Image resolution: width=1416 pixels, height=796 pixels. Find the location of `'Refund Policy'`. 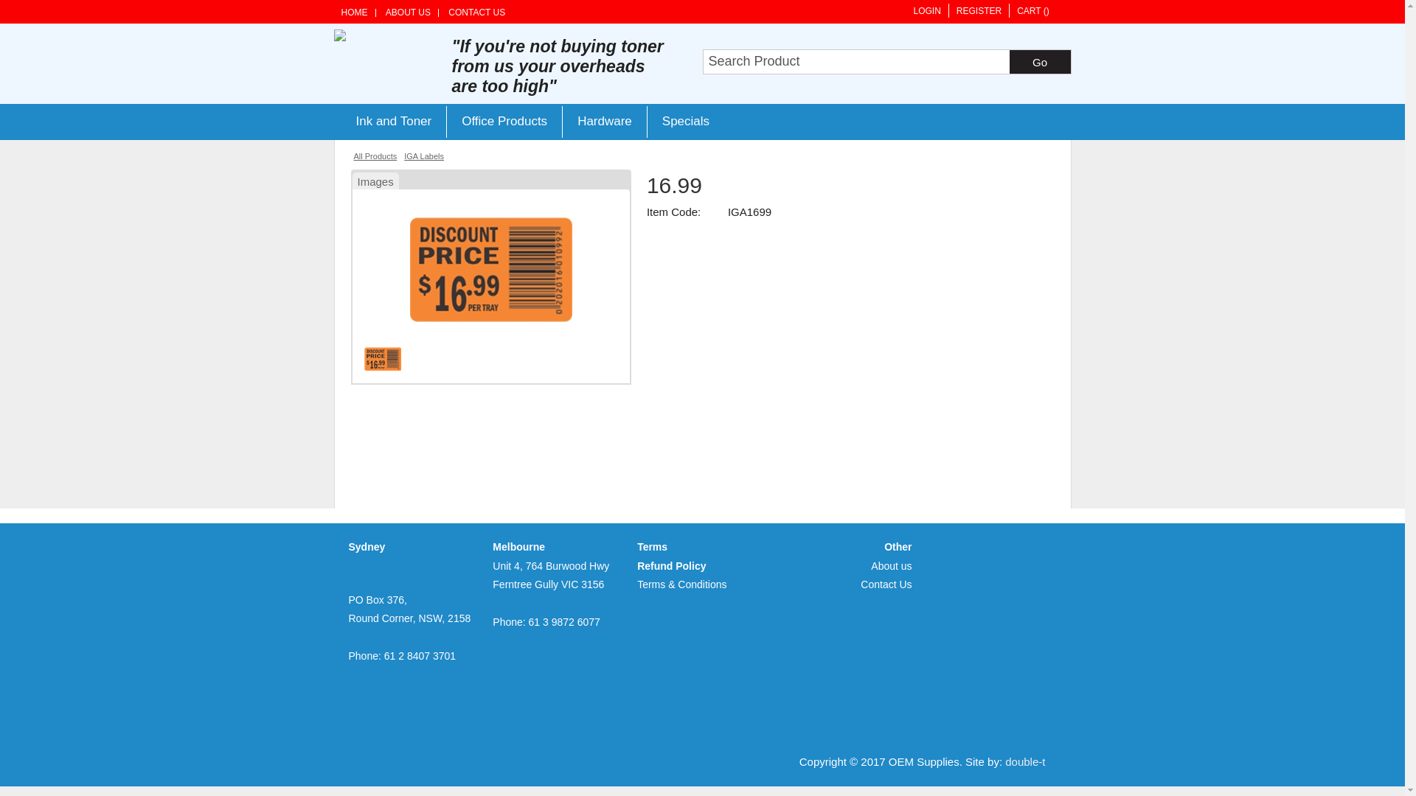

'Refund Policy' is located at coordinates (670, 565).